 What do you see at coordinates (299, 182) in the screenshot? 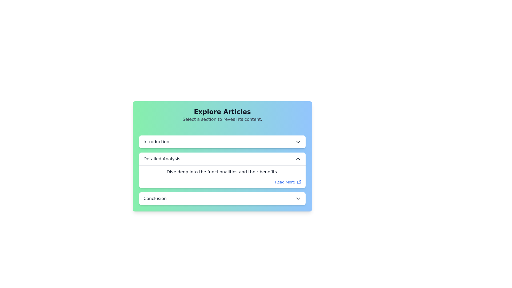
I see `the external link icon, which is rendered in blue and located immediately adjacent to the 'Read More' text link in the 'Detailed Analysis' section of the content card under the title 'Explore Articles'` at bounding box center [299, 182].